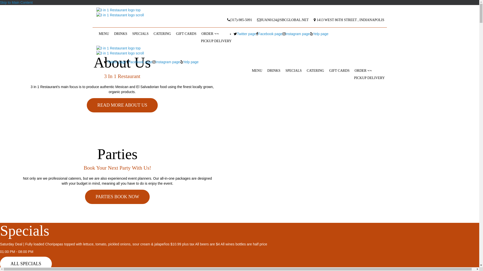 The width and height of the screenshot is (483, 271). Describe the element at coordinates (311, 20) in the screenshot. I see `'1413 WEST 86TH STREET , INDIANAPOLIS'` at that location.